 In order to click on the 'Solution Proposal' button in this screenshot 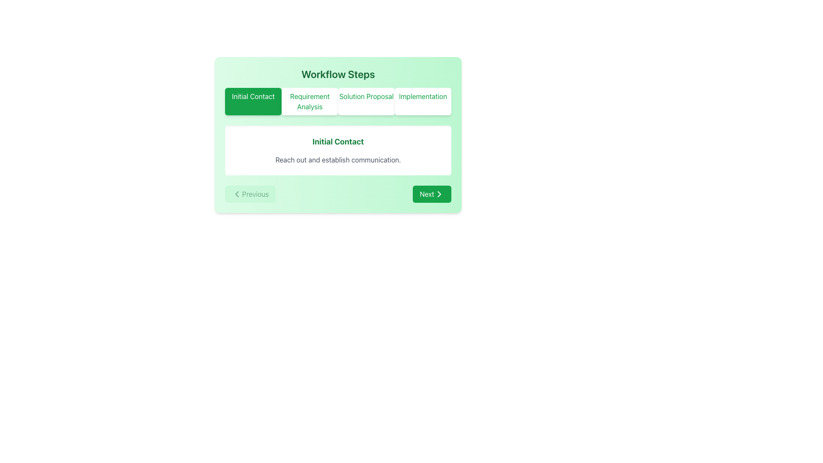, I will do `click(366, 101)`.